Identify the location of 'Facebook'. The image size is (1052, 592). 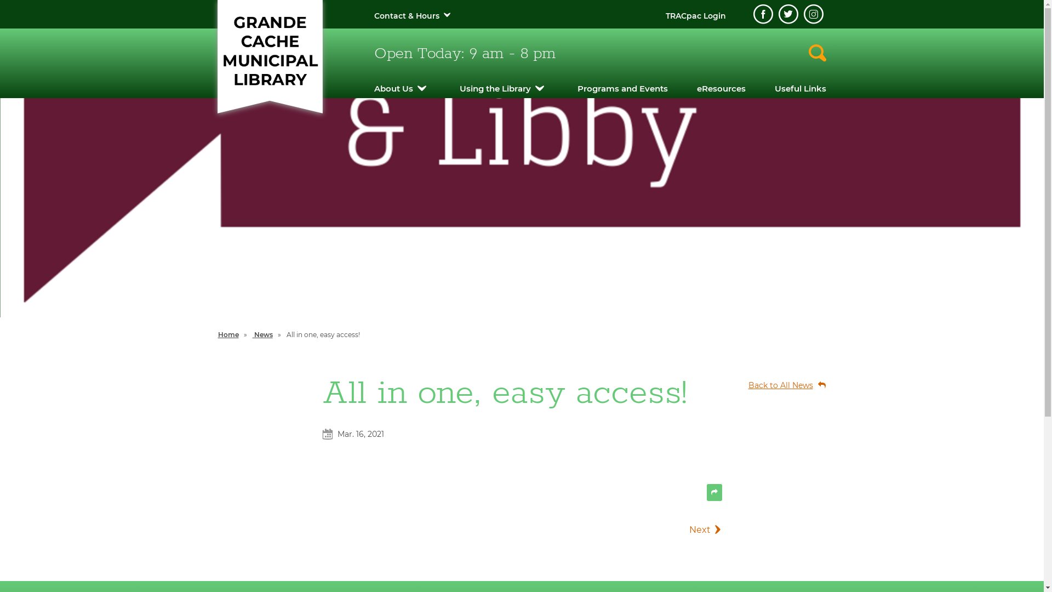
(762, 14).